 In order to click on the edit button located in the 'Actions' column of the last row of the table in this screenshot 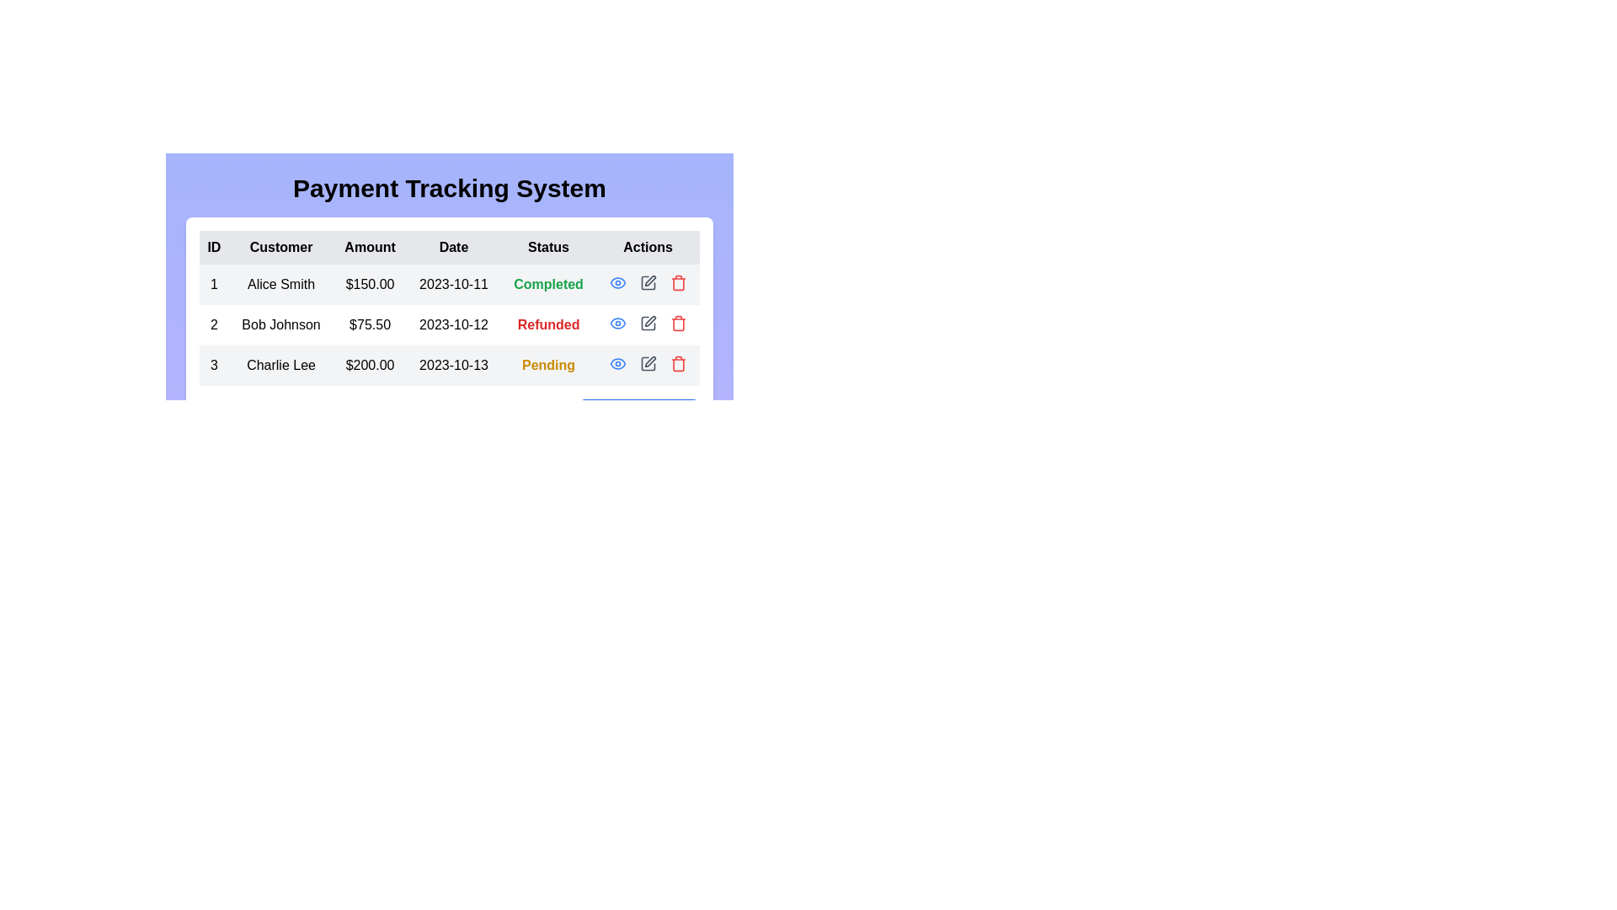, I will do `click(647, 363)`.